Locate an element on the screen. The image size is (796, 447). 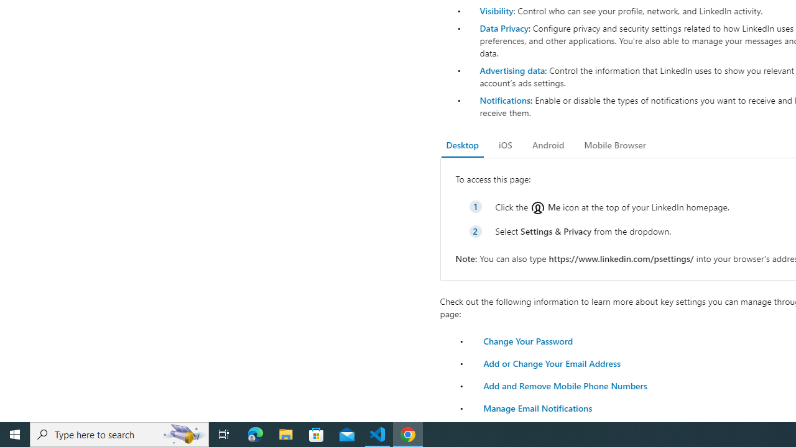
'Add or Change Your Email Address' is located at coordinates (551, 363).